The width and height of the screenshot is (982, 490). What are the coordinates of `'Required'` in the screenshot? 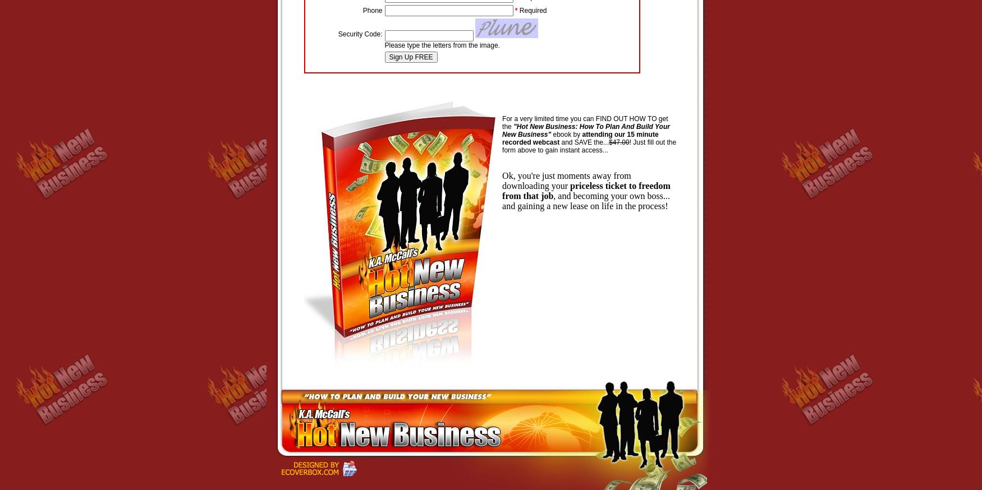 It's located at (531, 10).